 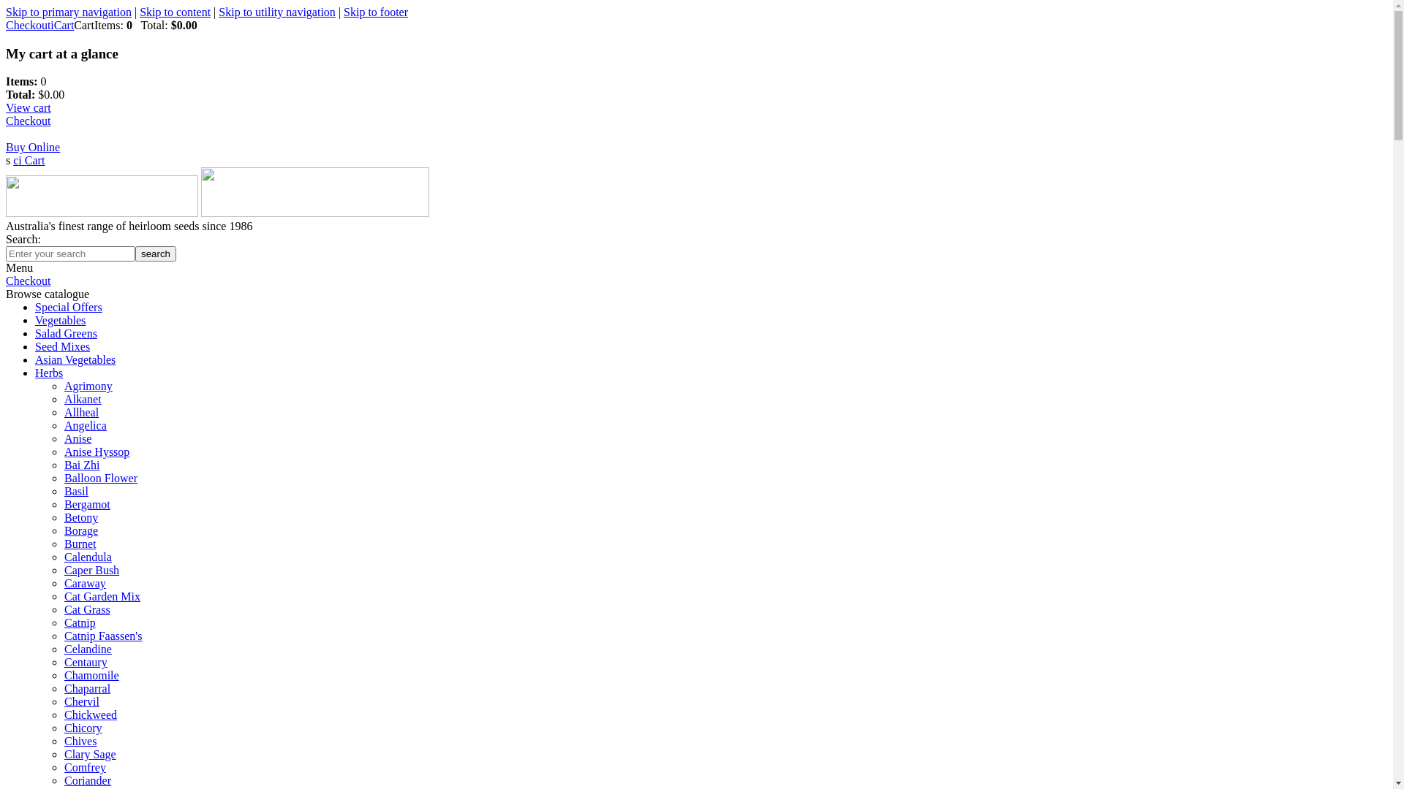 What do you see at coordinates (80, 544) in the screenshot?
I see `'Burnet'` at bounding box center [80, 544].